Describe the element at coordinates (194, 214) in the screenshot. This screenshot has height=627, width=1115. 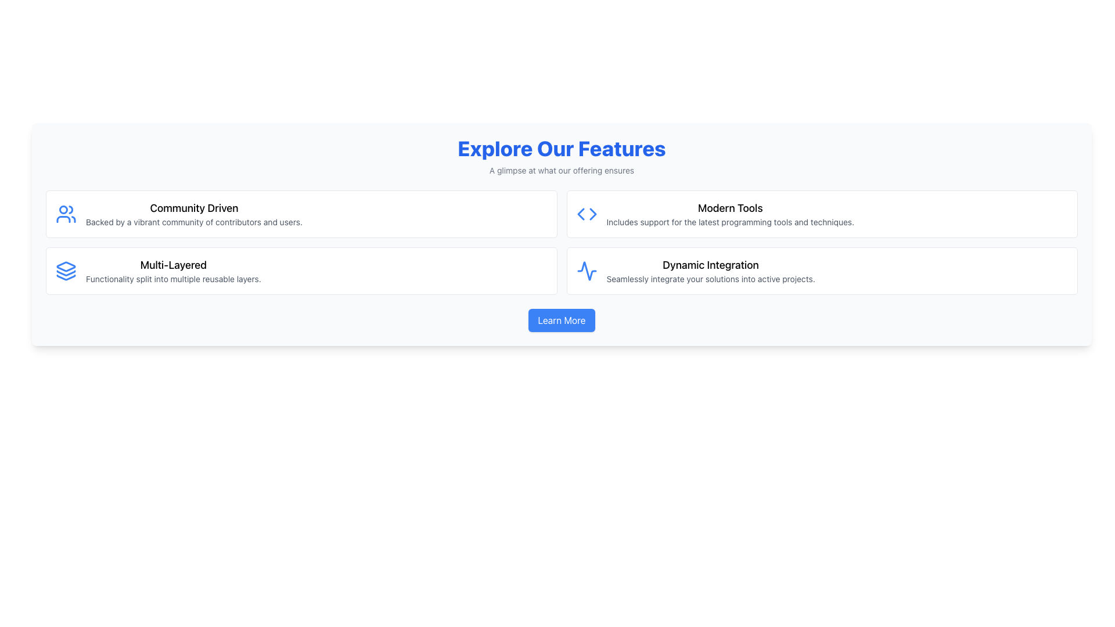
I see `text content of the Text Block titled 'Community Driven', which contains the description 'Backed by a vibrant community of contributors and users.'` at that location.